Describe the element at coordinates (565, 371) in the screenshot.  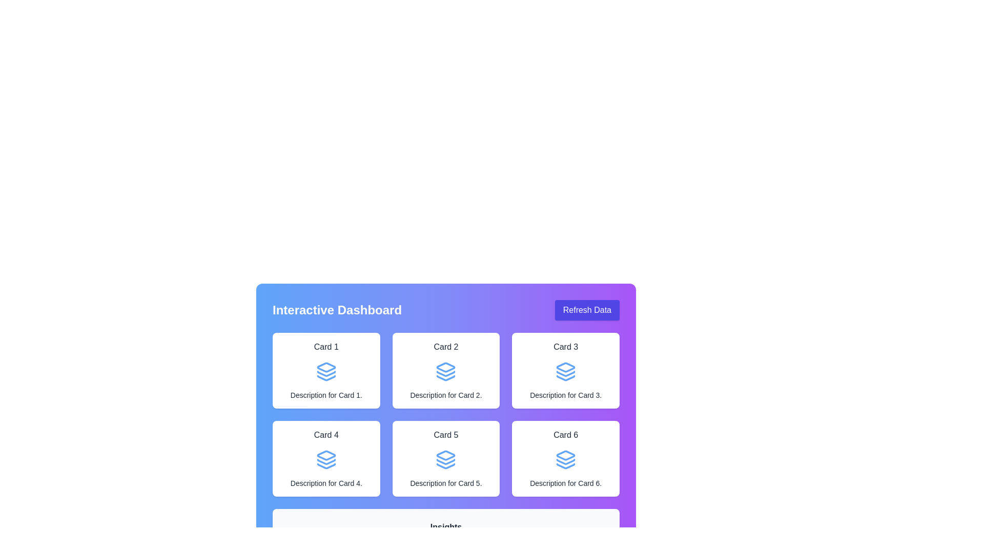
I see `the visual representation of the icon depicting a stack of layers, which is located in 'Card 3' above the text 'Description for Card 3'` at that location.